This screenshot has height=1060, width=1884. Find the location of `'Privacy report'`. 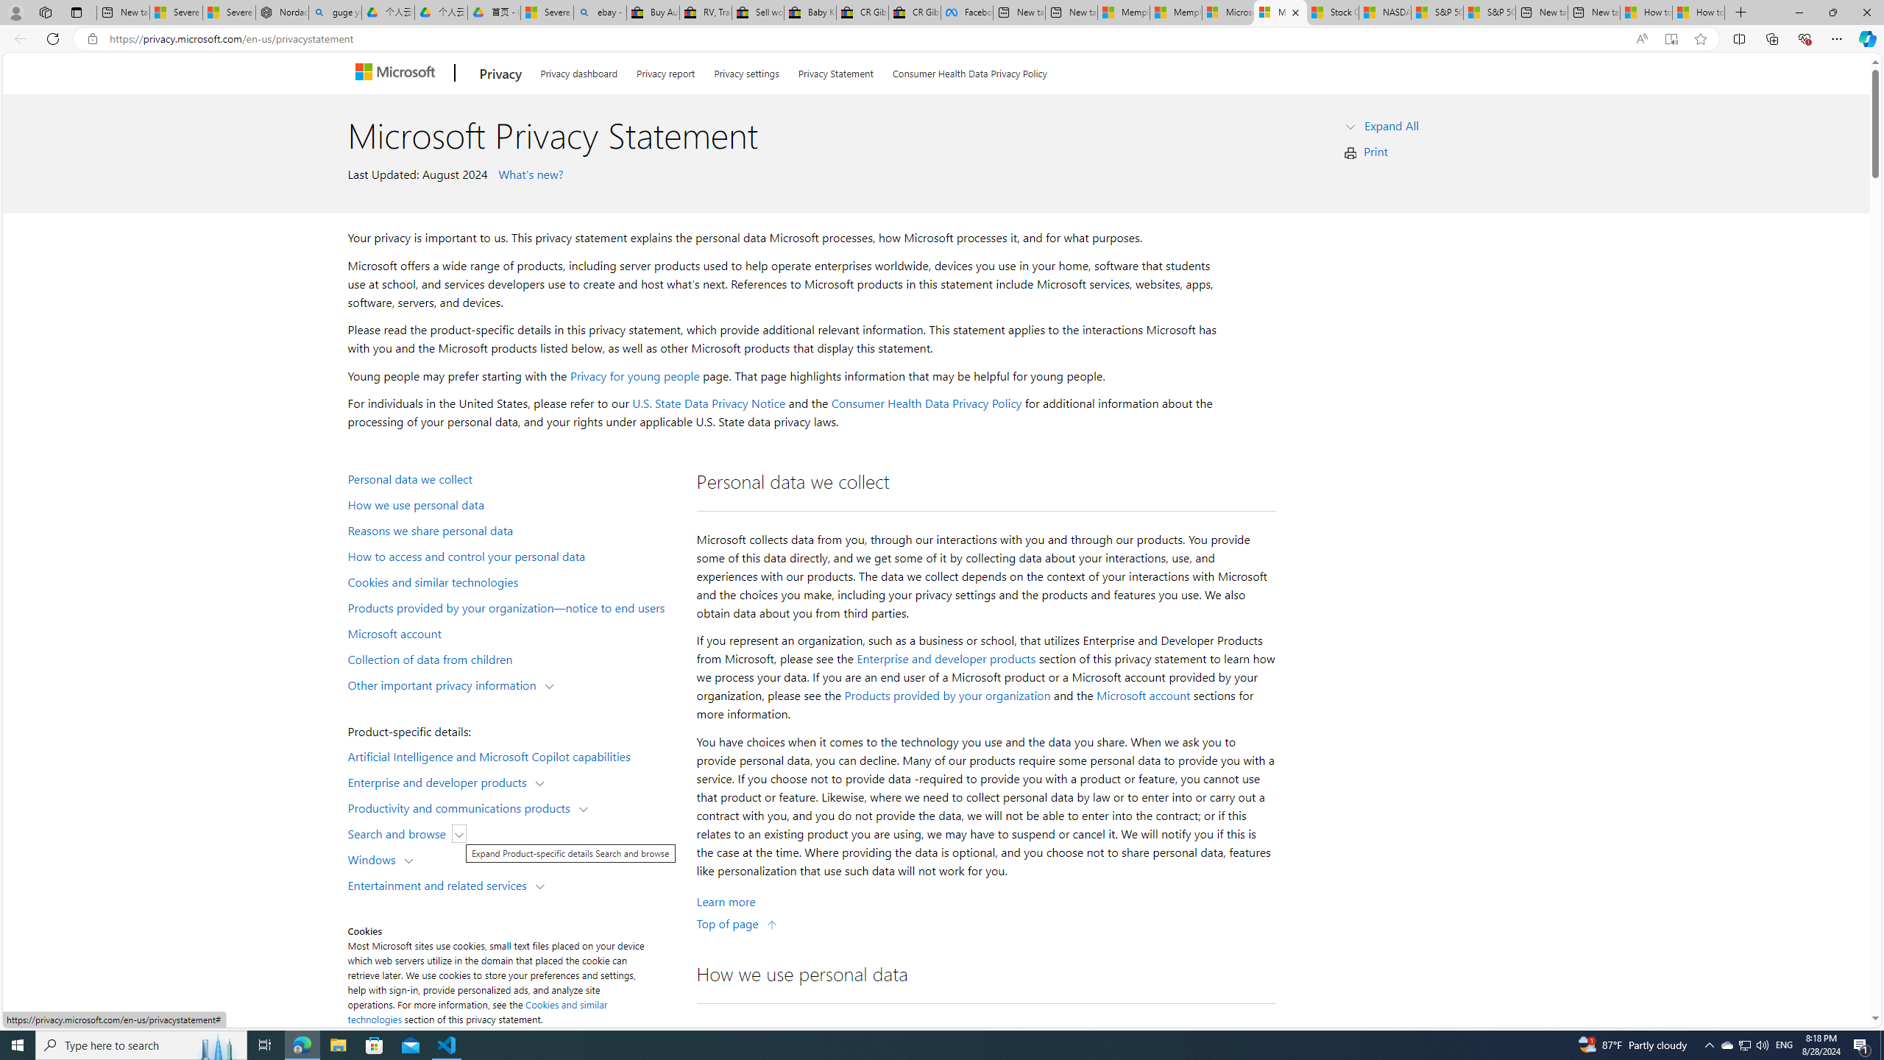

'Privacy report' is located at coordinates (665, 70).